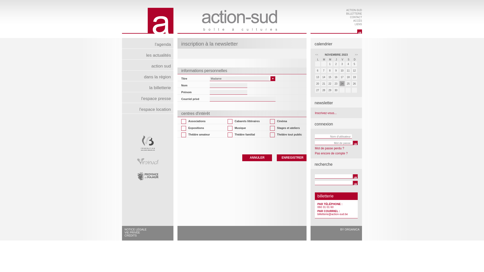  Describe the element at coordinates (330, 78) in the screenshot. I see `'15'` at that location.